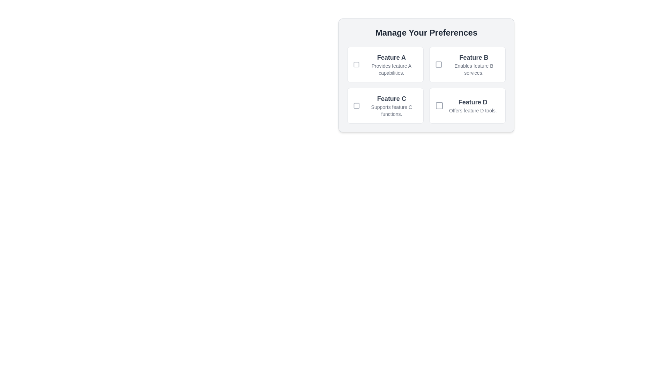 The image size is (670, 377). What do you see at coordinates (473, 106) in the screenshot?
I see `the element displaying 'Feature D' and its description 'Offers feature D tools.' which is styled with distinct typography and located in the bottom-right quadrant of the grid layout` at bounding box center [473, 106].